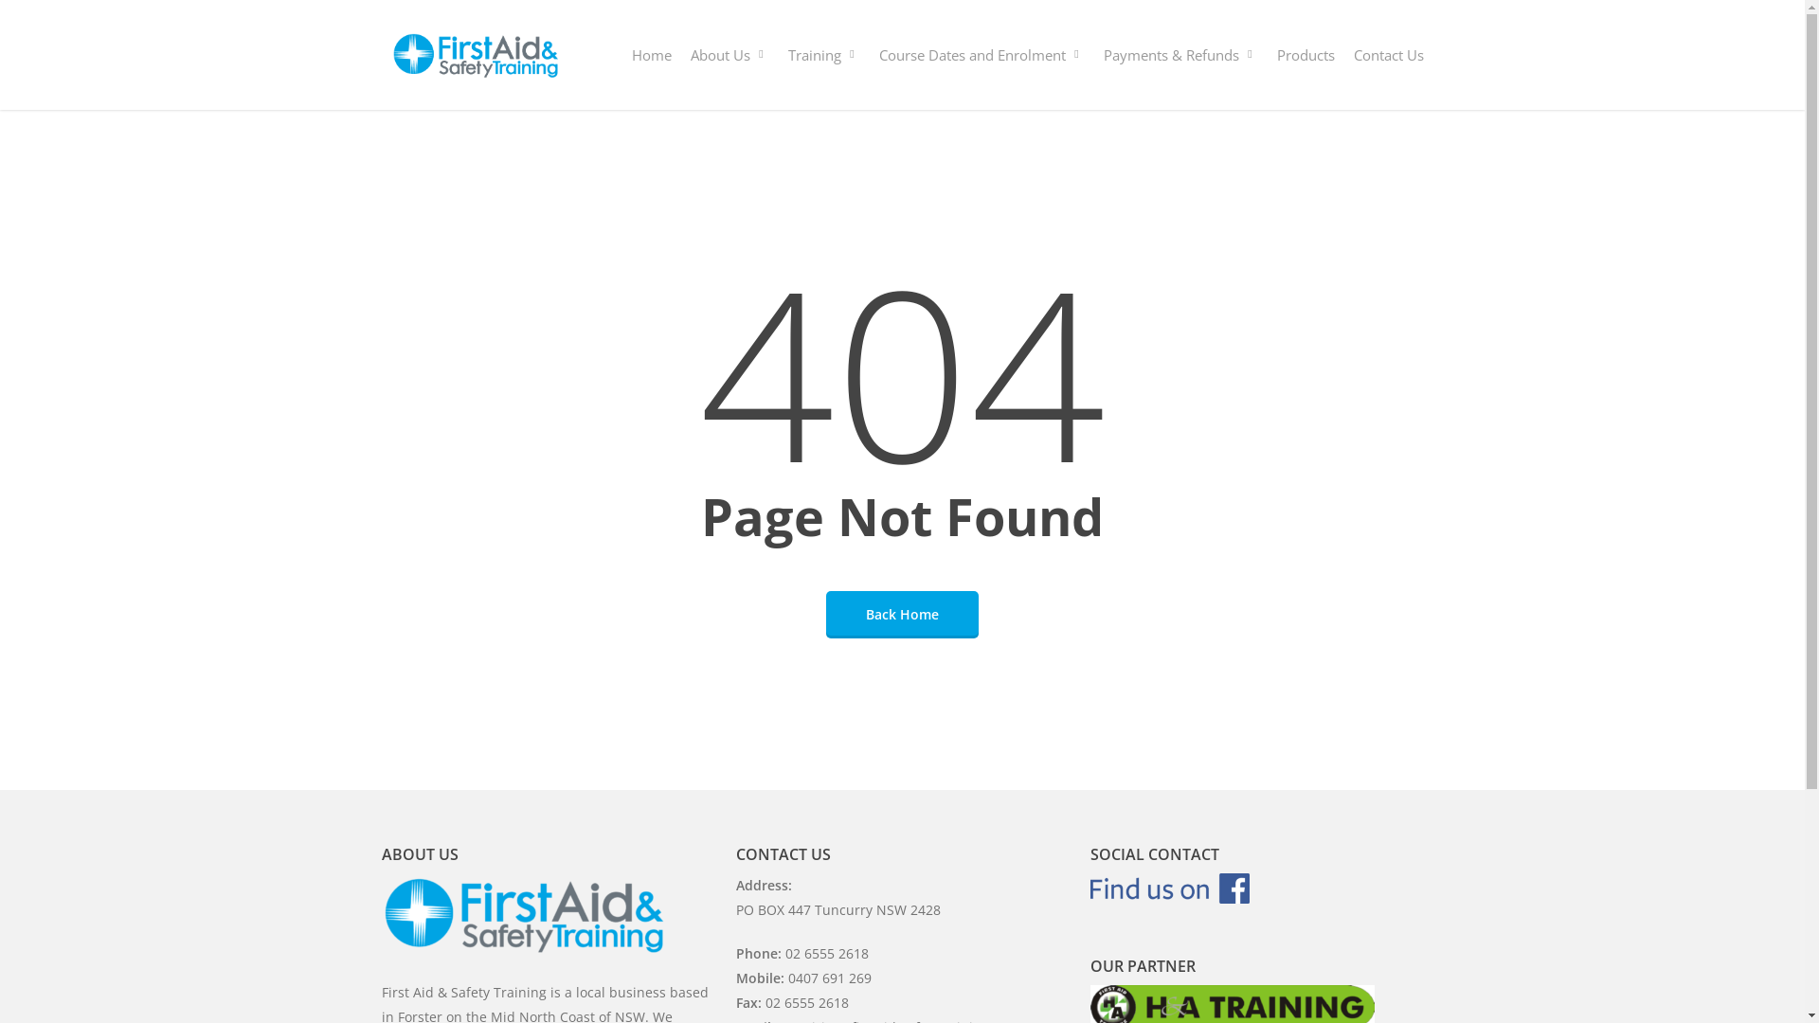 The image size is (1819, 1023). What do you see at coordinates (1179, 53) in the screenshot?
I see `'Payments & Refunds'` at bounding box center [1179, 53].